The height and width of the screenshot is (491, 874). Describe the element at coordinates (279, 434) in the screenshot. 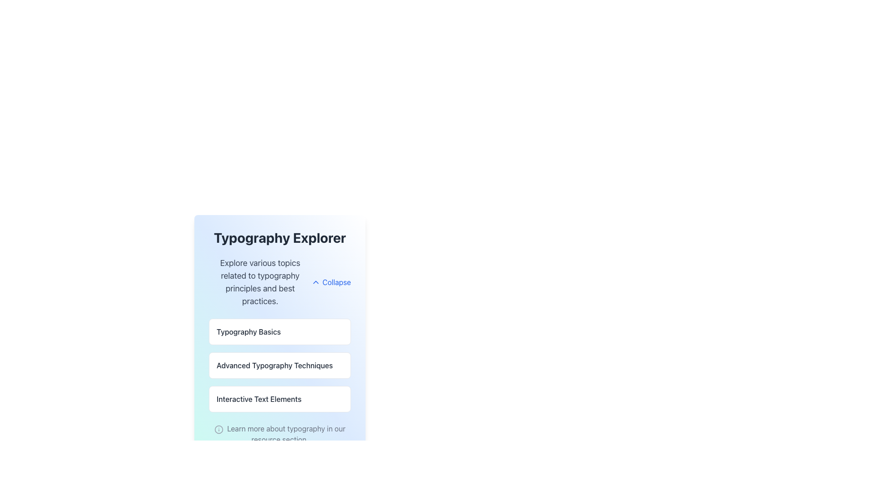

I see `the informational text element located at the bottom of the 'Typography Explorer' section, beneath the 'Interactive Text Elements' card` at that location.